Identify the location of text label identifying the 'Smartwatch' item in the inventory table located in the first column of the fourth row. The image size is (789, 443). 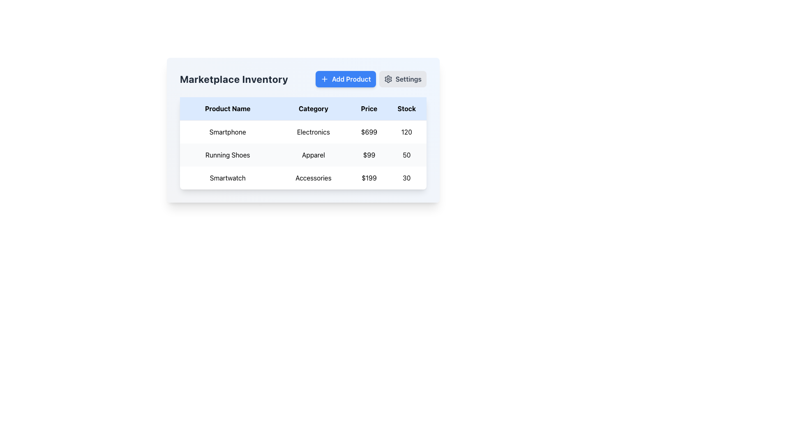
(228, 178).